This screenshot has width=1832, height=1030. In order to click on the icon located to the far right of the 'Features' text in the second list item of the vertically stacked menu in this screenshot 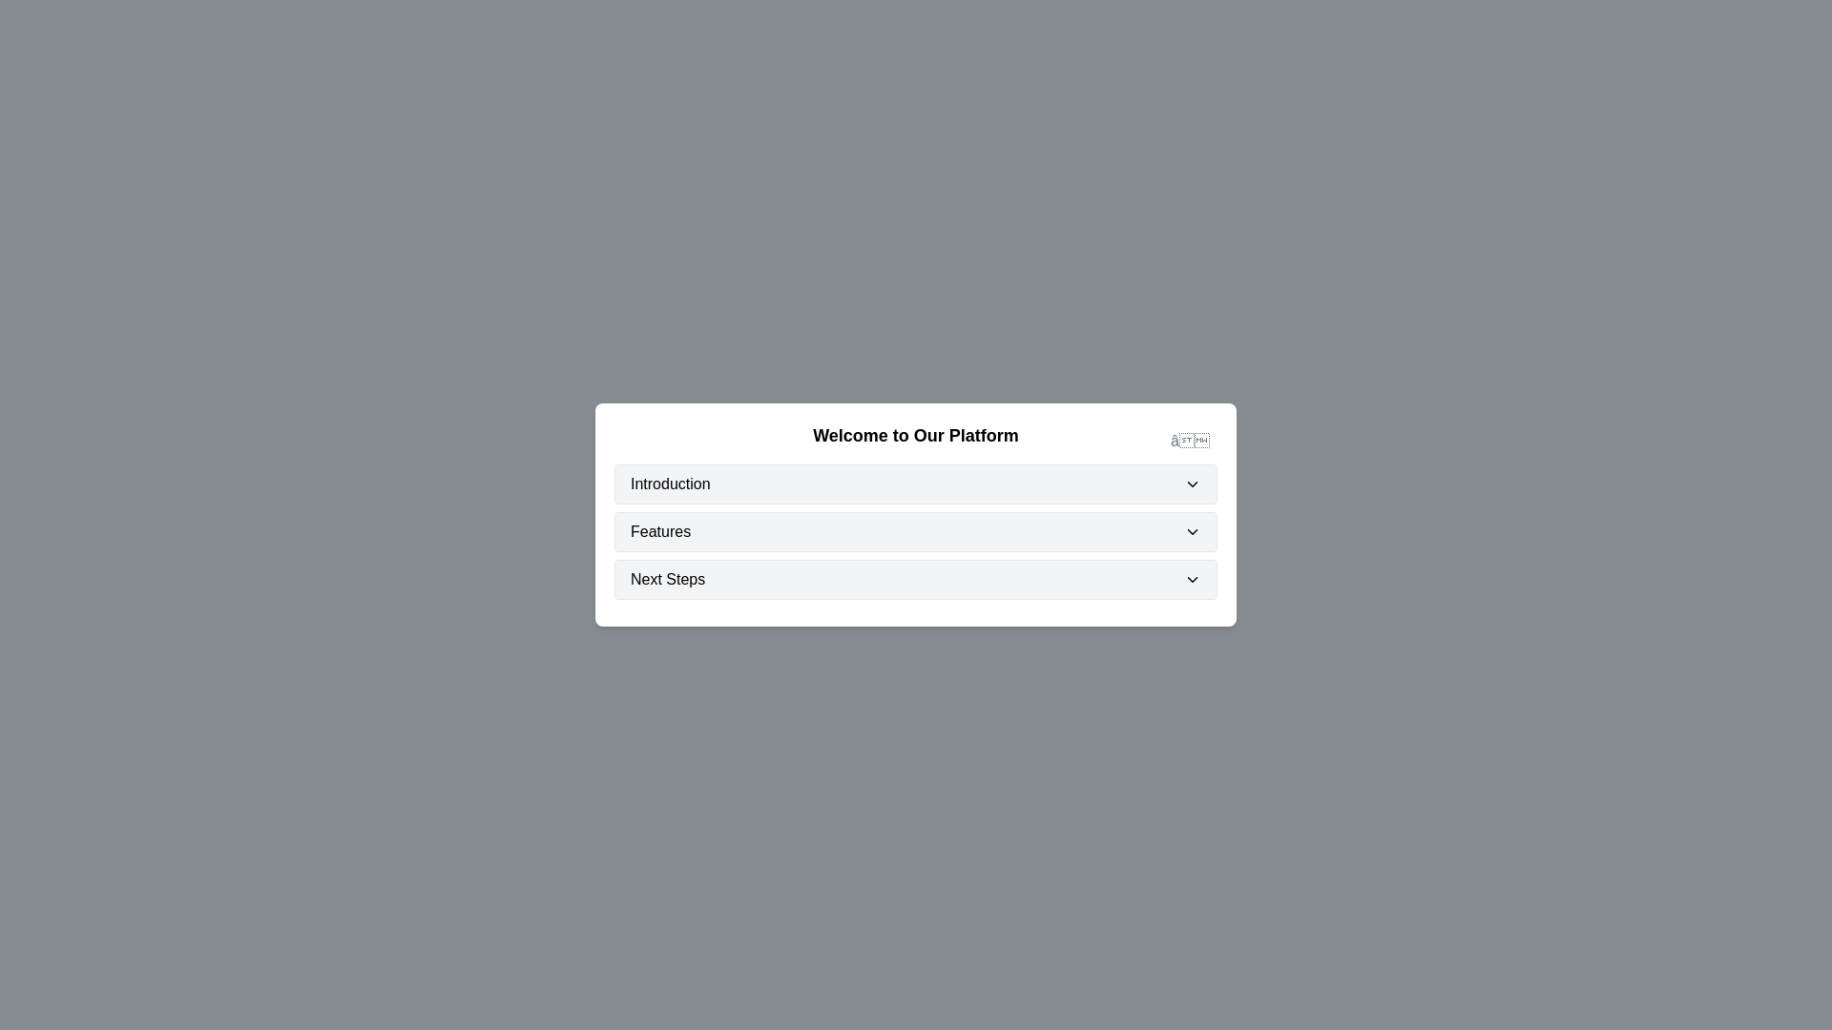, I will do `click(1191, 532)`.